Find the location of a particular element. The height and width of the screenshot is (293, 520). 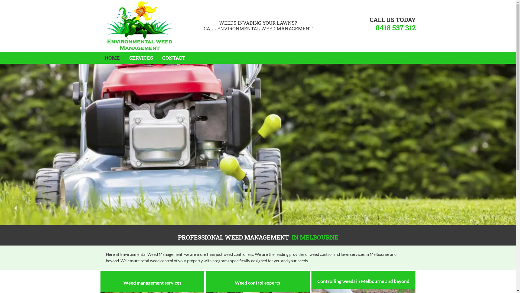

'0418 537 312' is located at coordinates (395, 27).